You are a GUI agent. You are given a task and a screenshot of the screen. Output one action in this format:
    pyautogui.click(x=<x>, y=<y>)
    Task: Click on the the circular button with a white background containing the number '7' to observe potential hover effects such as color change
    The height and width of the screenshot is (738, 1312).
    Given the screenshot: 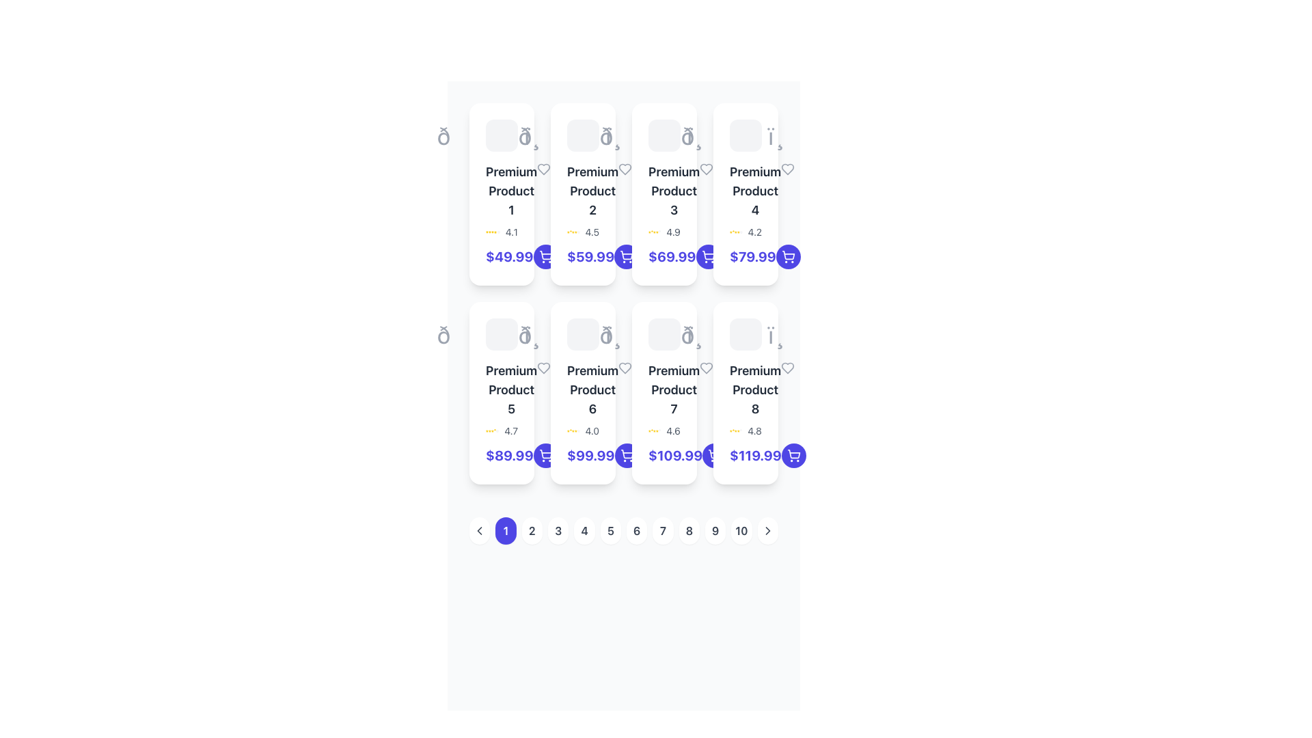 What is the action you would take?
    pyautogui.click(x=663, y=530)
    